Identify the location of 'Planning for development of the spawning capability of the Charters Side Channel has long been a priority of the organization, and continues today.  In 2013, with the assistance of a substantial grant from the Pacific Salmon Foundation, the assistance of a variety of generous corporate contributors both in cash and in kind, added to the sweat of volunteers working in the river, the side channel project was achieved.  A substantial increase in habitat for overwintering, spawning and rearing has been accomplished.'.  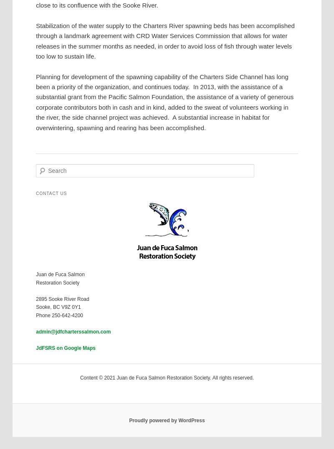
(164, 101).